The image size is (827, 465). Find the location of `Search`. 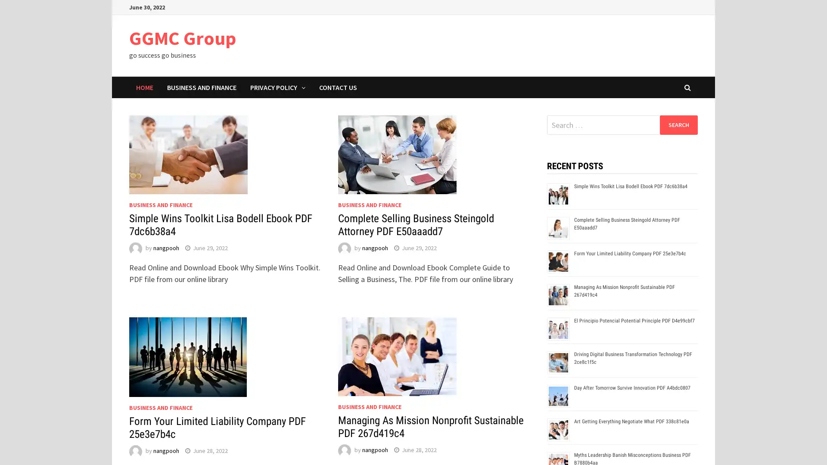

Search is located at coordinates (678, 124).